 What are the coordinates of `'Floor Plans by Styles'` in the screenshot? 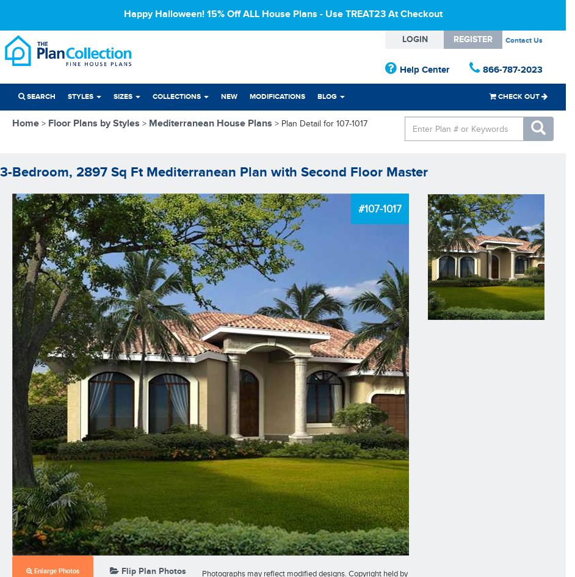 It's located at (48, 123).